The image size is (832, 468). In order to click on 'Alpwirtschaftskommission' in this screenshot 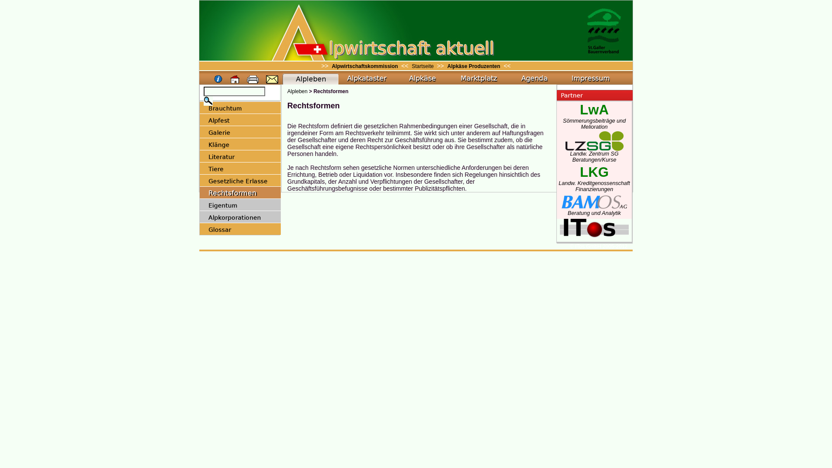, I will do `click(365, 66)`.